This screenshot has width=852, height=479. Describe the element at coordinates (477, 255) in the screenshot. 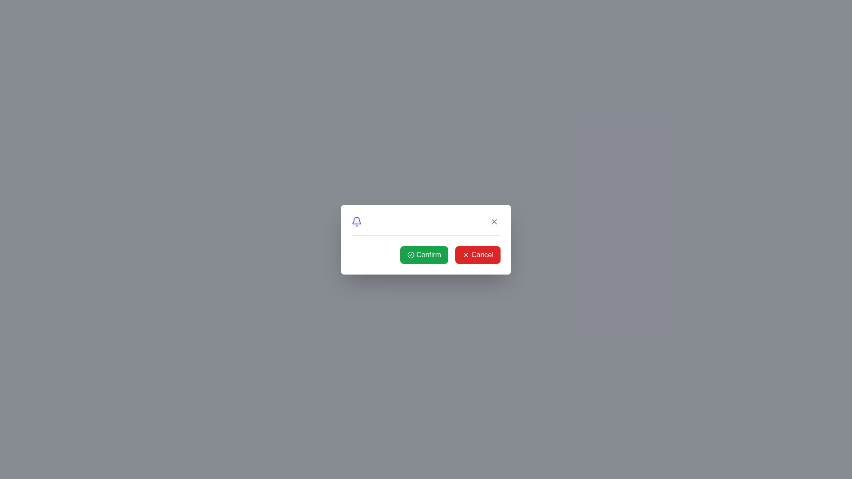

I see `the 'Cancel' button located at the bottom-right section of the modal` at that location.